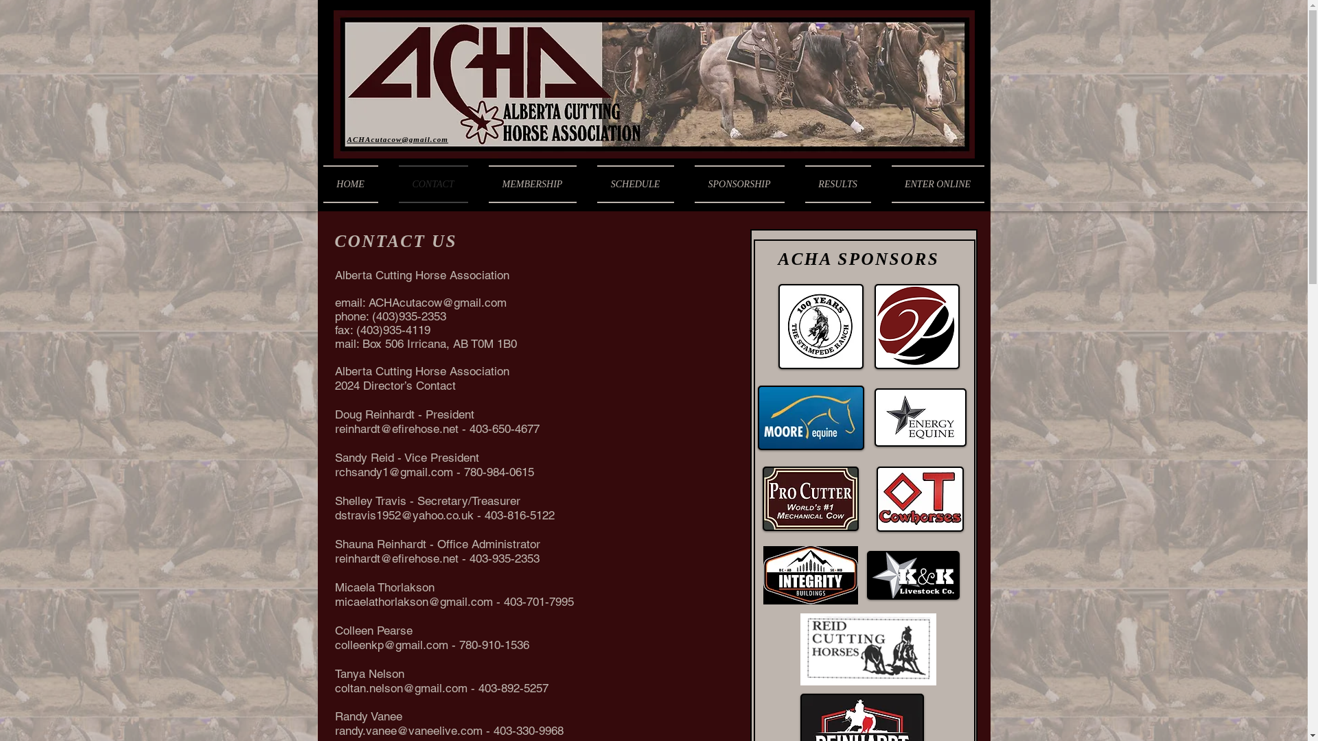  Describe the element at coordinates (837, 183) in the screenshot. I see `'RESULTS'` at that location.